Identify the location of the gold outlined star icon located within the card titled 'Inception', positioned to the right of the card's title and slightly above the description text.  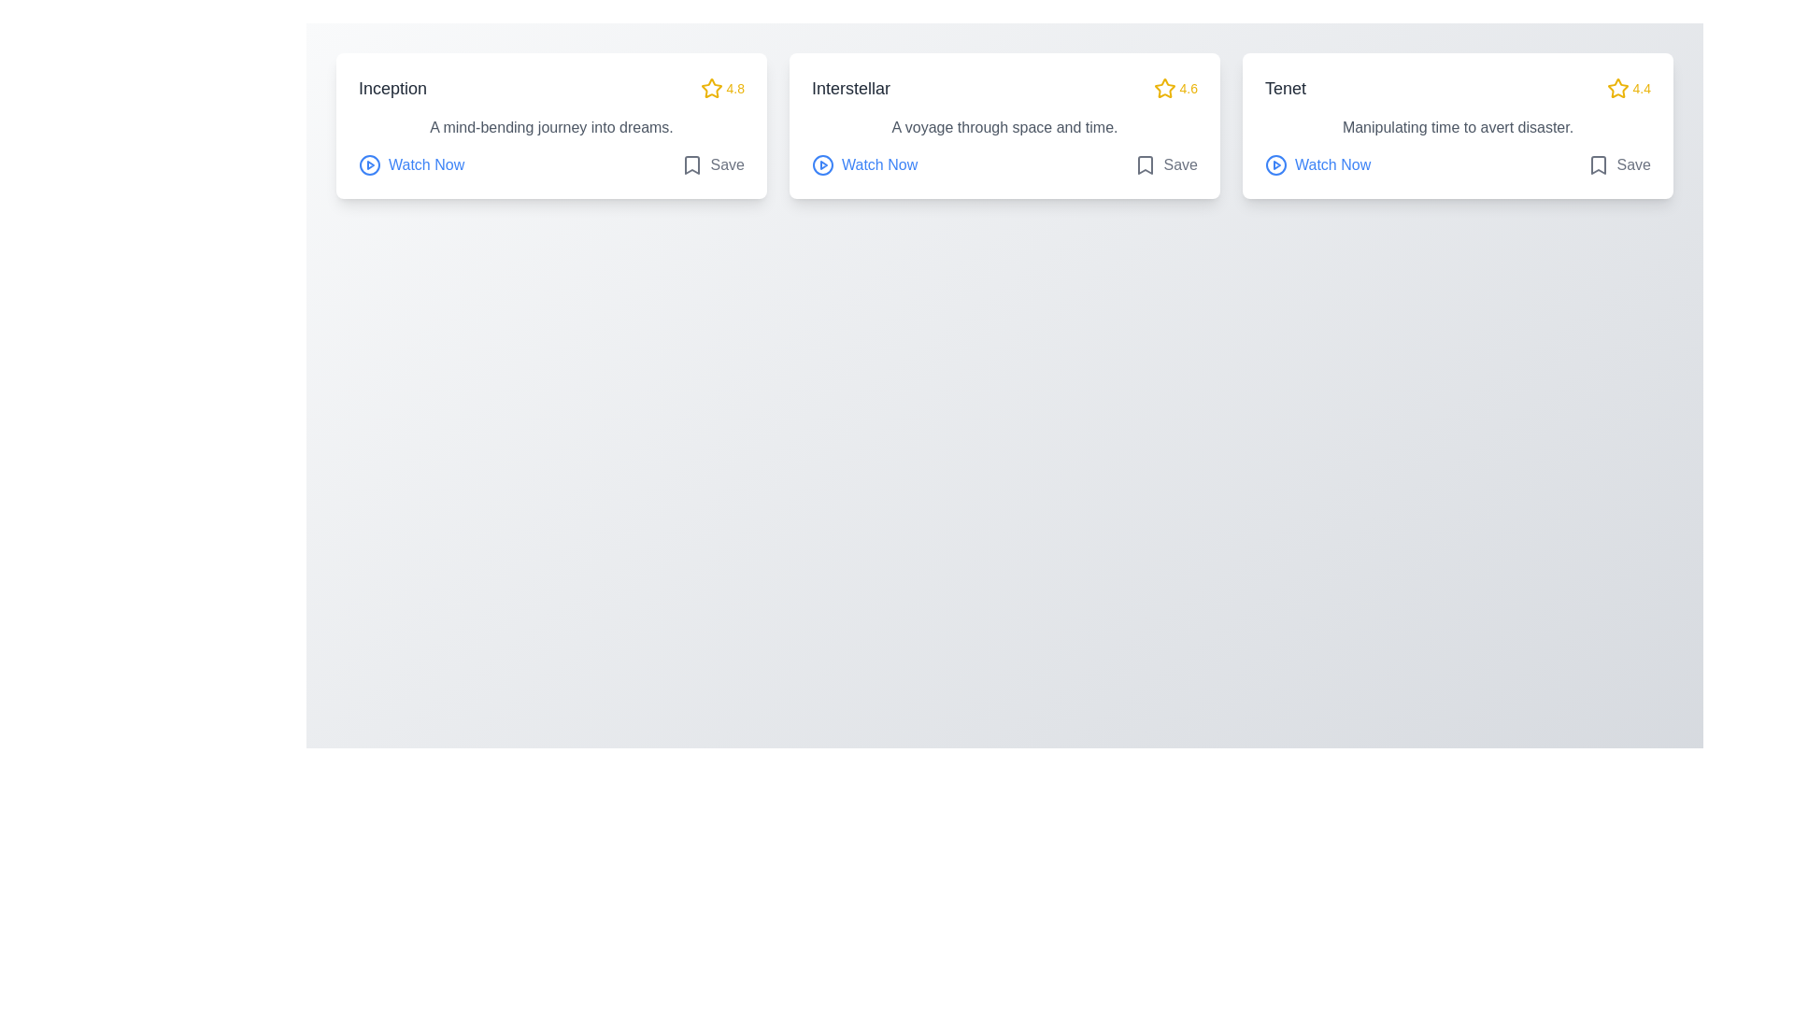
(710, 88).